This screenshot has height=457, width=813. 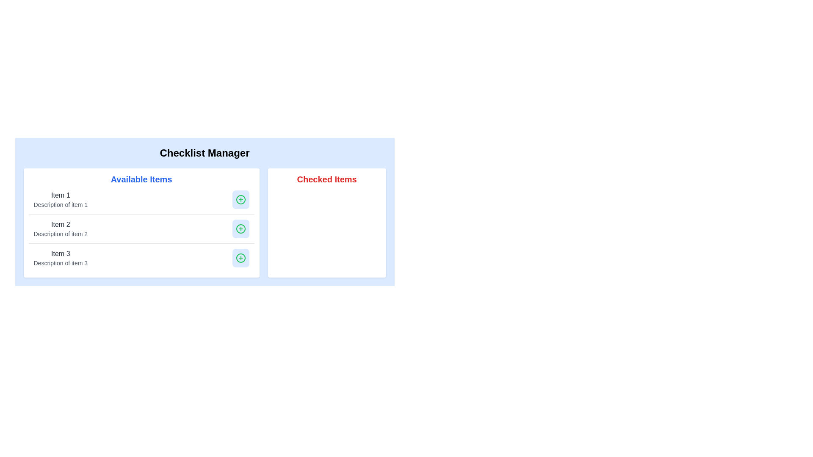 I want to click on the circular shape with a green border and cyan fill, part of the '+' icon button associated with 'Item 1' in the 'Available Items' section, so click(x=240, y=257).